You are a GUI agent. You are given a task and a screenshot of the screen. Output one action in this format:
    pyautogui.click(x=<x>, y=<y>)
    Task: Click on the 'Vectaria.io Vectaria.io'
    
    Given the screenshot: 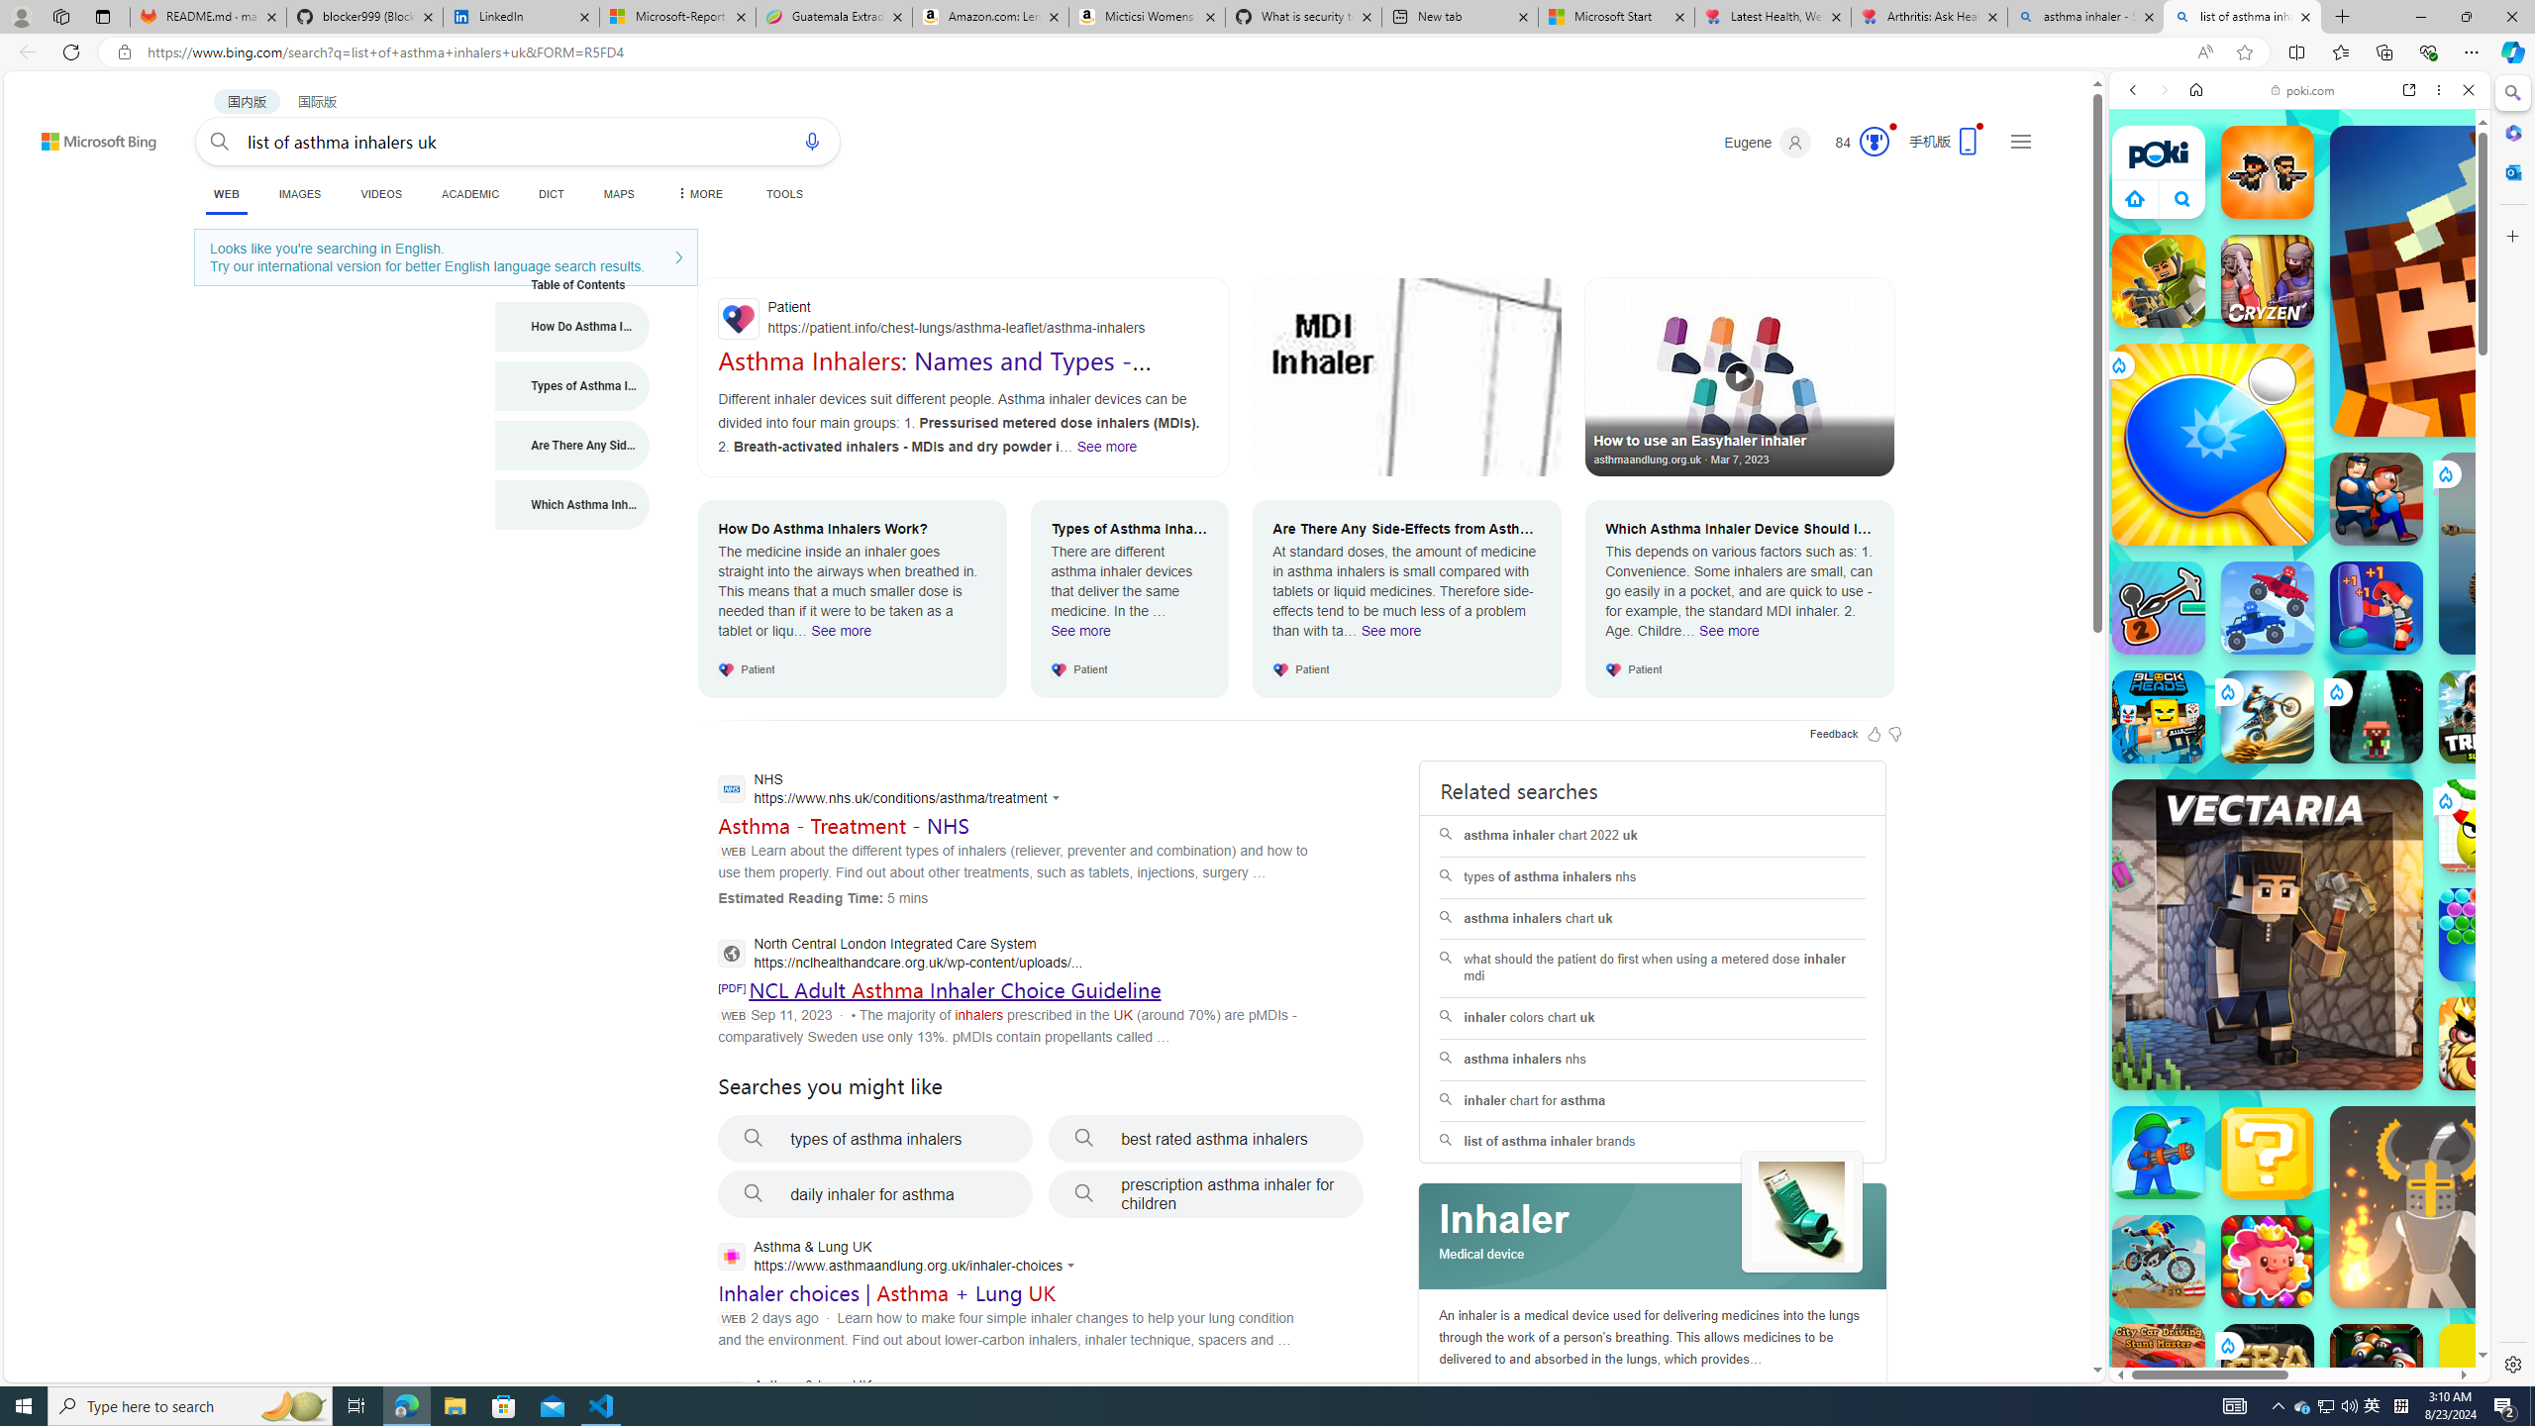 What is the action you would take?
    pyautogui.click(x=2266, y=934)
    